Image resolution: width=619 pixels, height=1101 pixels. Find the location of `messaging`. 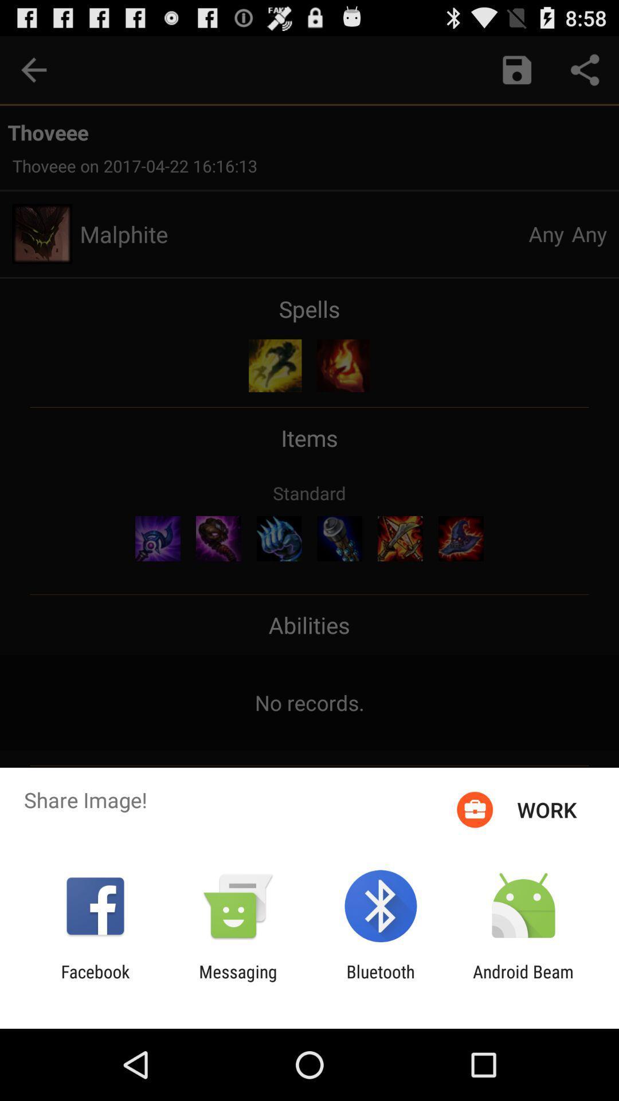

messaging is located at coordinates (237, 981).